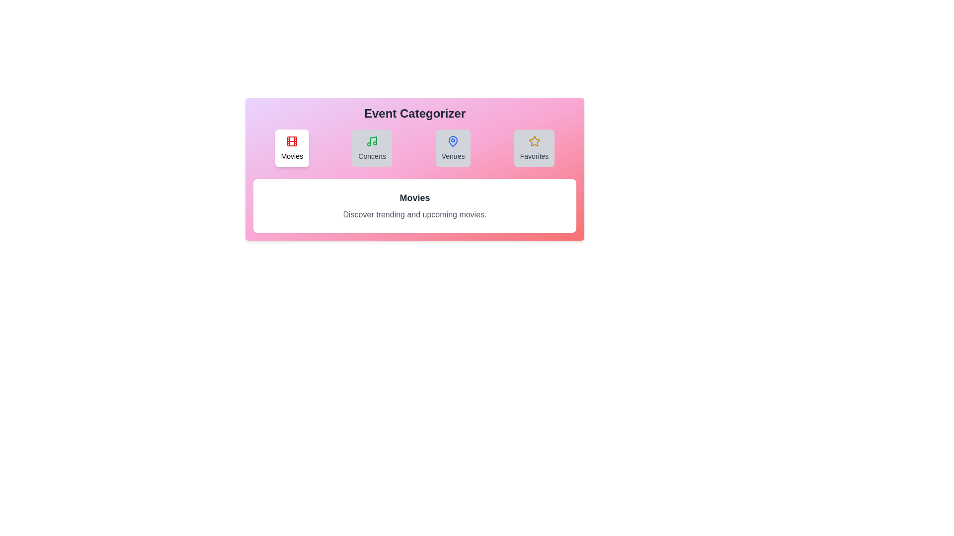 This screenshot has height=536, width=954. Describe the element at coordinates (372, 148) in the screenshot. I see `the Concerts tab` at that location.